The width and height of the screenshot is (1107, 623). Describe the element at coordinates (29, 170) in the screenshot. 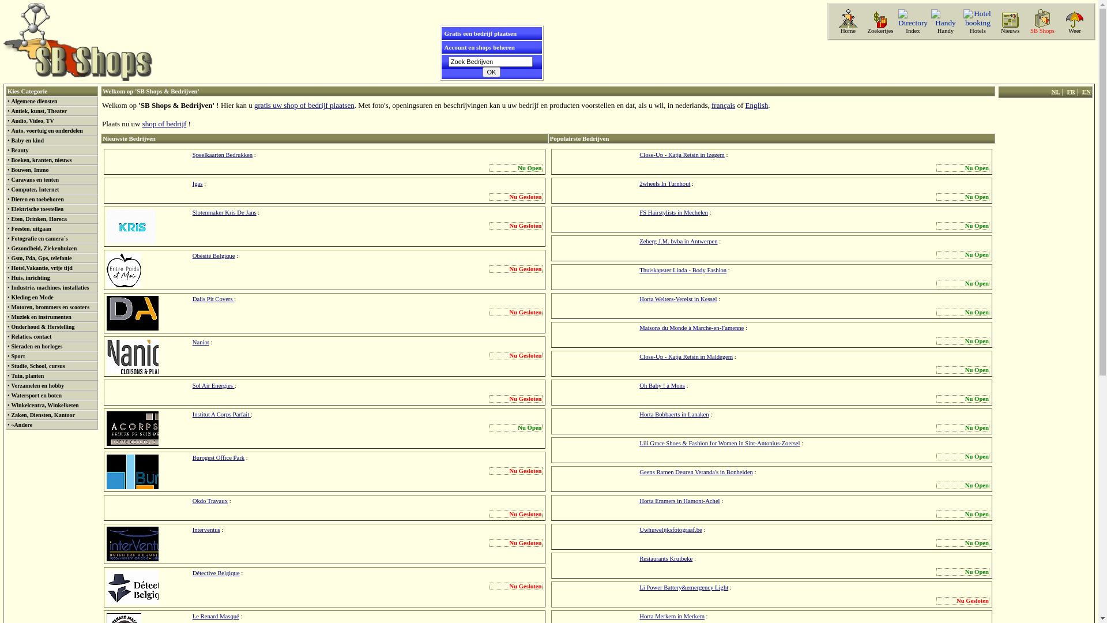

I see `'Bouwen, Immo'` at that location.